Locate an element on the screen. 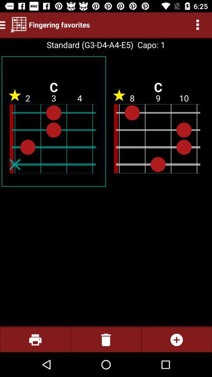 The height and width of the screenshot is (377, 212). icon to the left of the fingering favorites is located at coordinates (18, 24).